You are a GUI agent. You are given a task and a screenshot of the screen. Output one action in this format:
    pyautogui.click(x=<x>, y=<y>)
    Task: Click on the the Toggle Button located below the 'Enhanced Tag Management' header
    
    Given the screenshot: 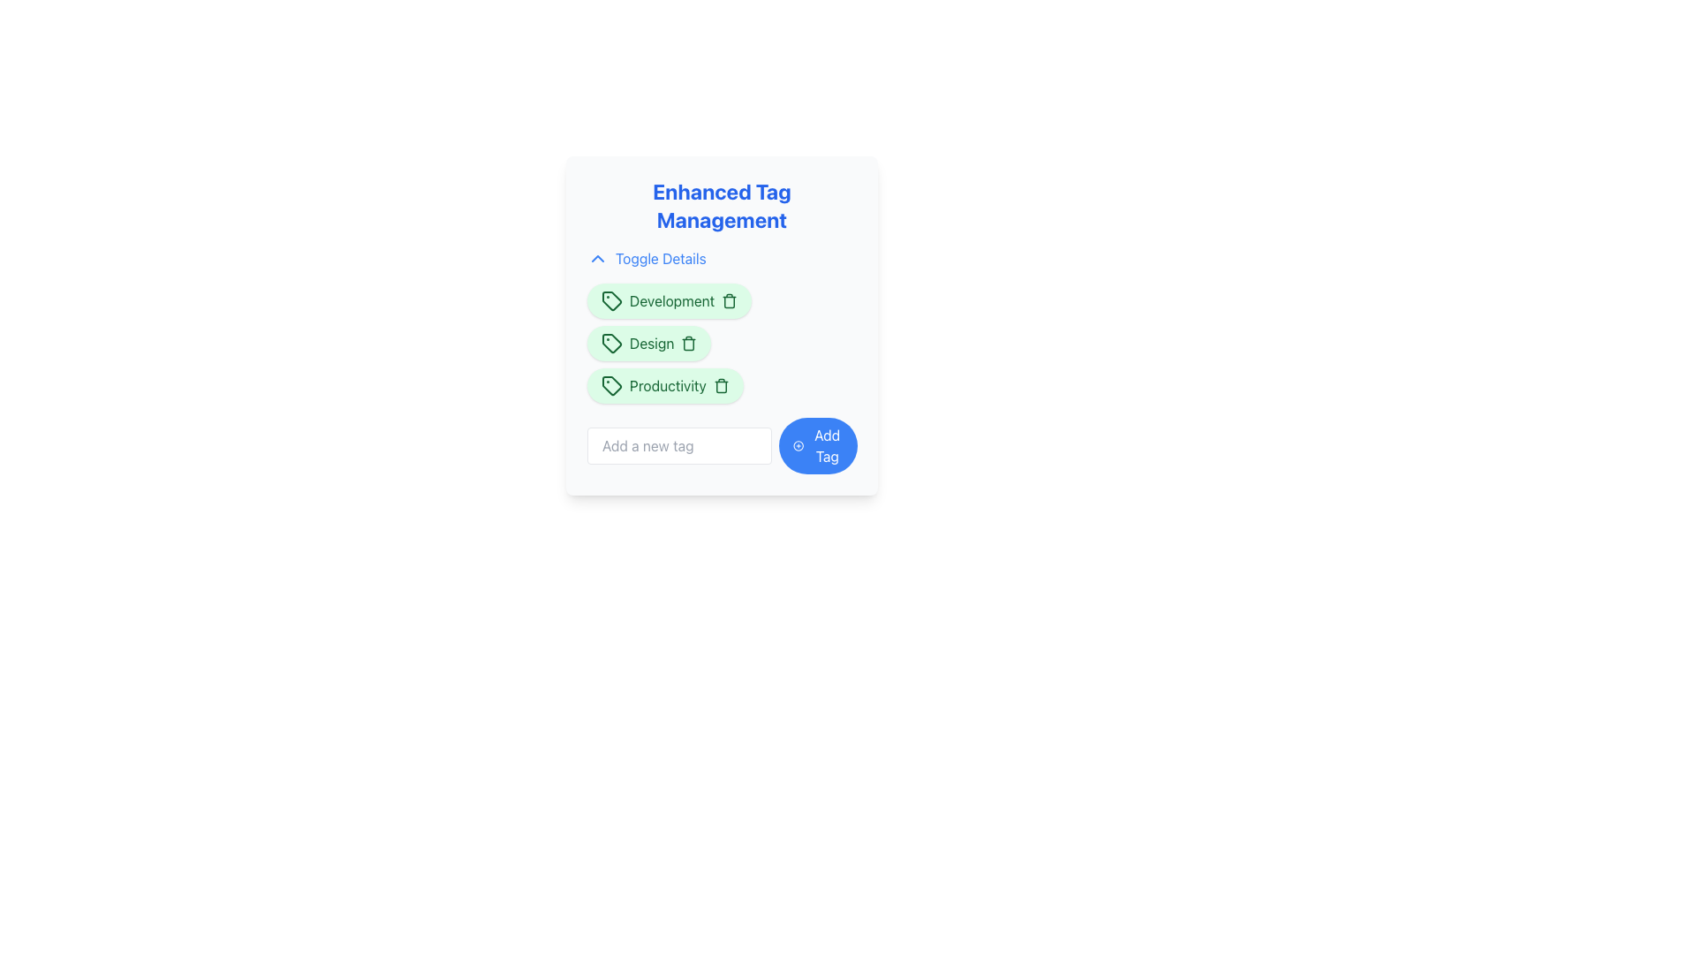 What is the action you would take?
    pyautogui.click(x=646, y=259)
    